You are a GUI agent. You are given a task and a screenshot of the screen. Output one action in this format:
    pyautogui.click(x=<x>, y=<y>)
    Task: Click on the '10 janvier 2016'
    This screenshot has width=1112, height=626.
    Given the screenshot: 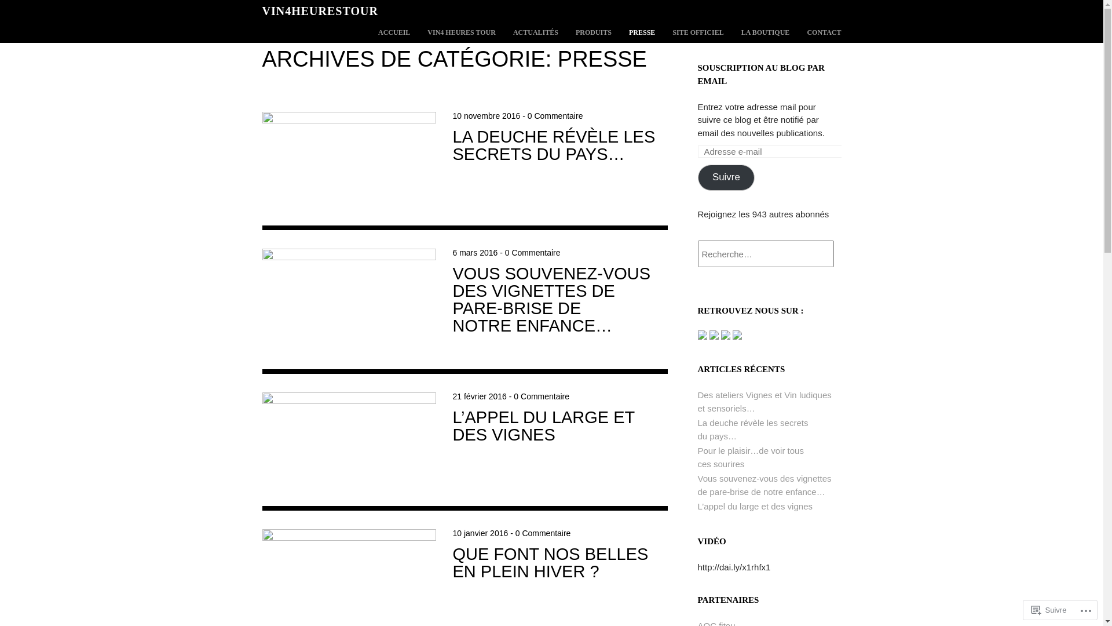 What is the action you would take?
    pyautogui.click(x=481, y=533)
    